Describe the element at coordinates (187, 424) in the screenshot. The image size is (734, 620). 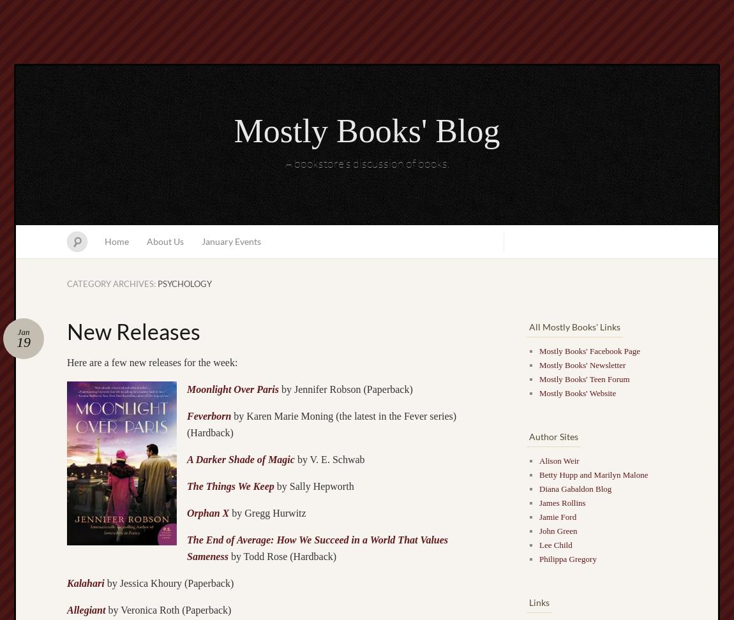
I see `'by Karen Marie Moning (the latest in the Fever series) (Hardback)'` at that location.